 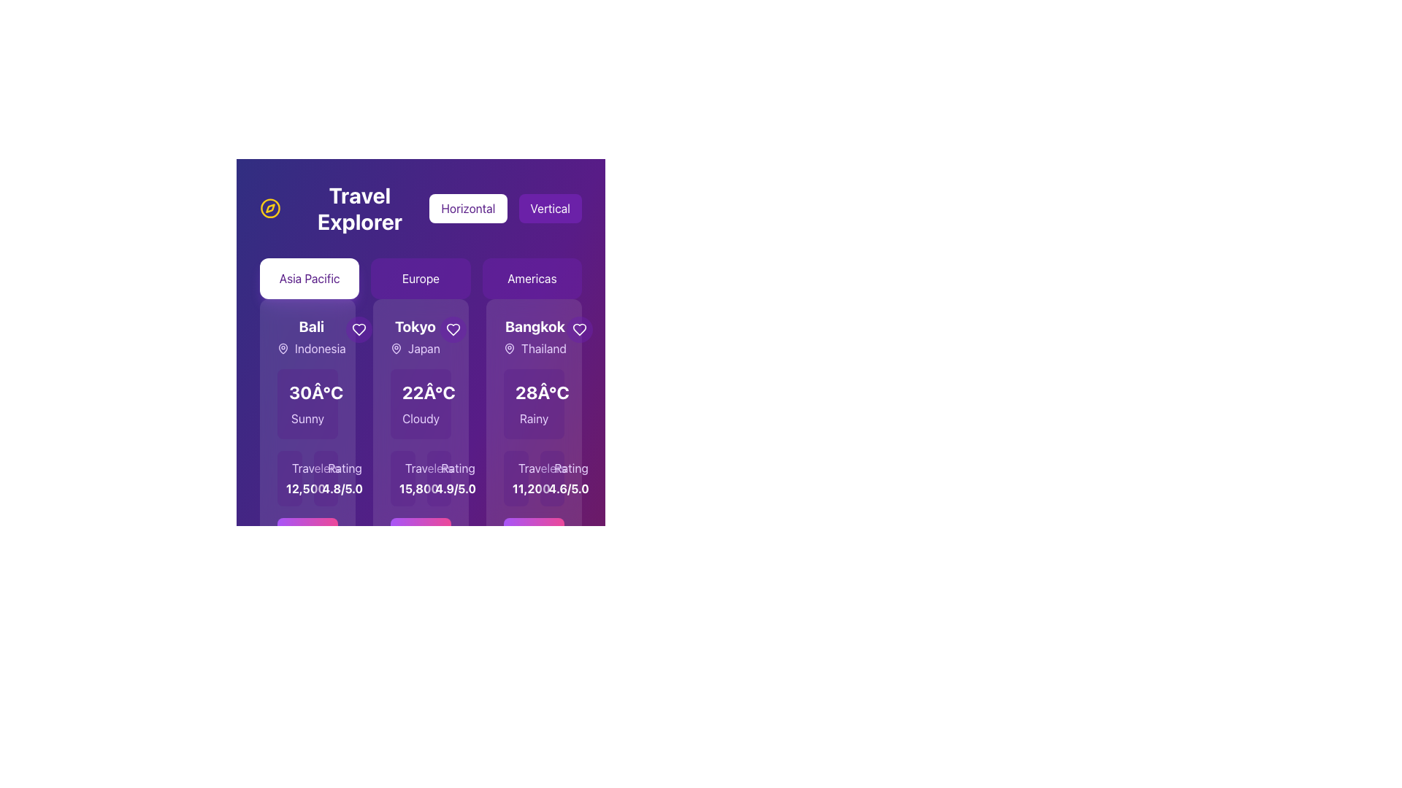 What do you see at coordinates (289, 478) in the screenshot?
I see `text content of the Text display showing '12,500' in bold white font, located inside the first card of the 'Asia Pacific' section, below the text 'Travelers'` at bounding box center [289, 478].